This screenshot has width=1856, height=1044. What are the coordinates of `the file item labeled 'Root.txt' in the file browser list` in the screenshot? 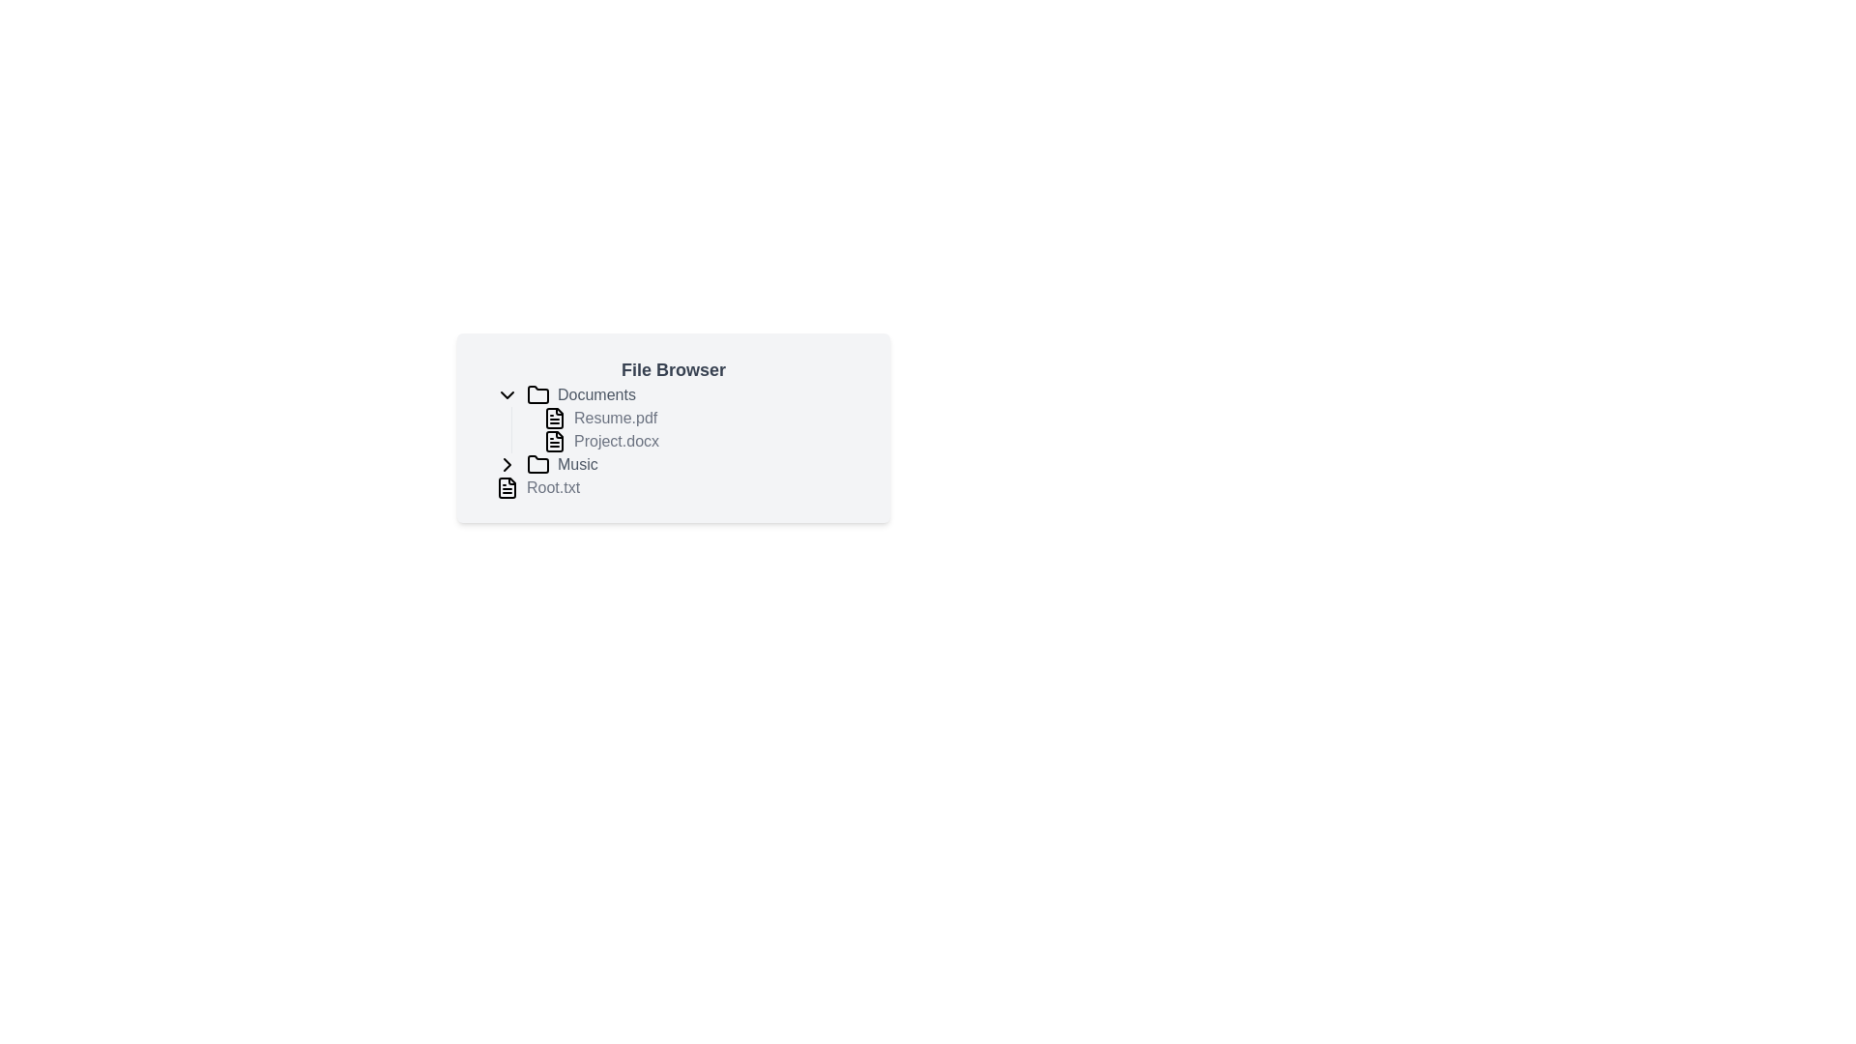 It's located at (681, 487).